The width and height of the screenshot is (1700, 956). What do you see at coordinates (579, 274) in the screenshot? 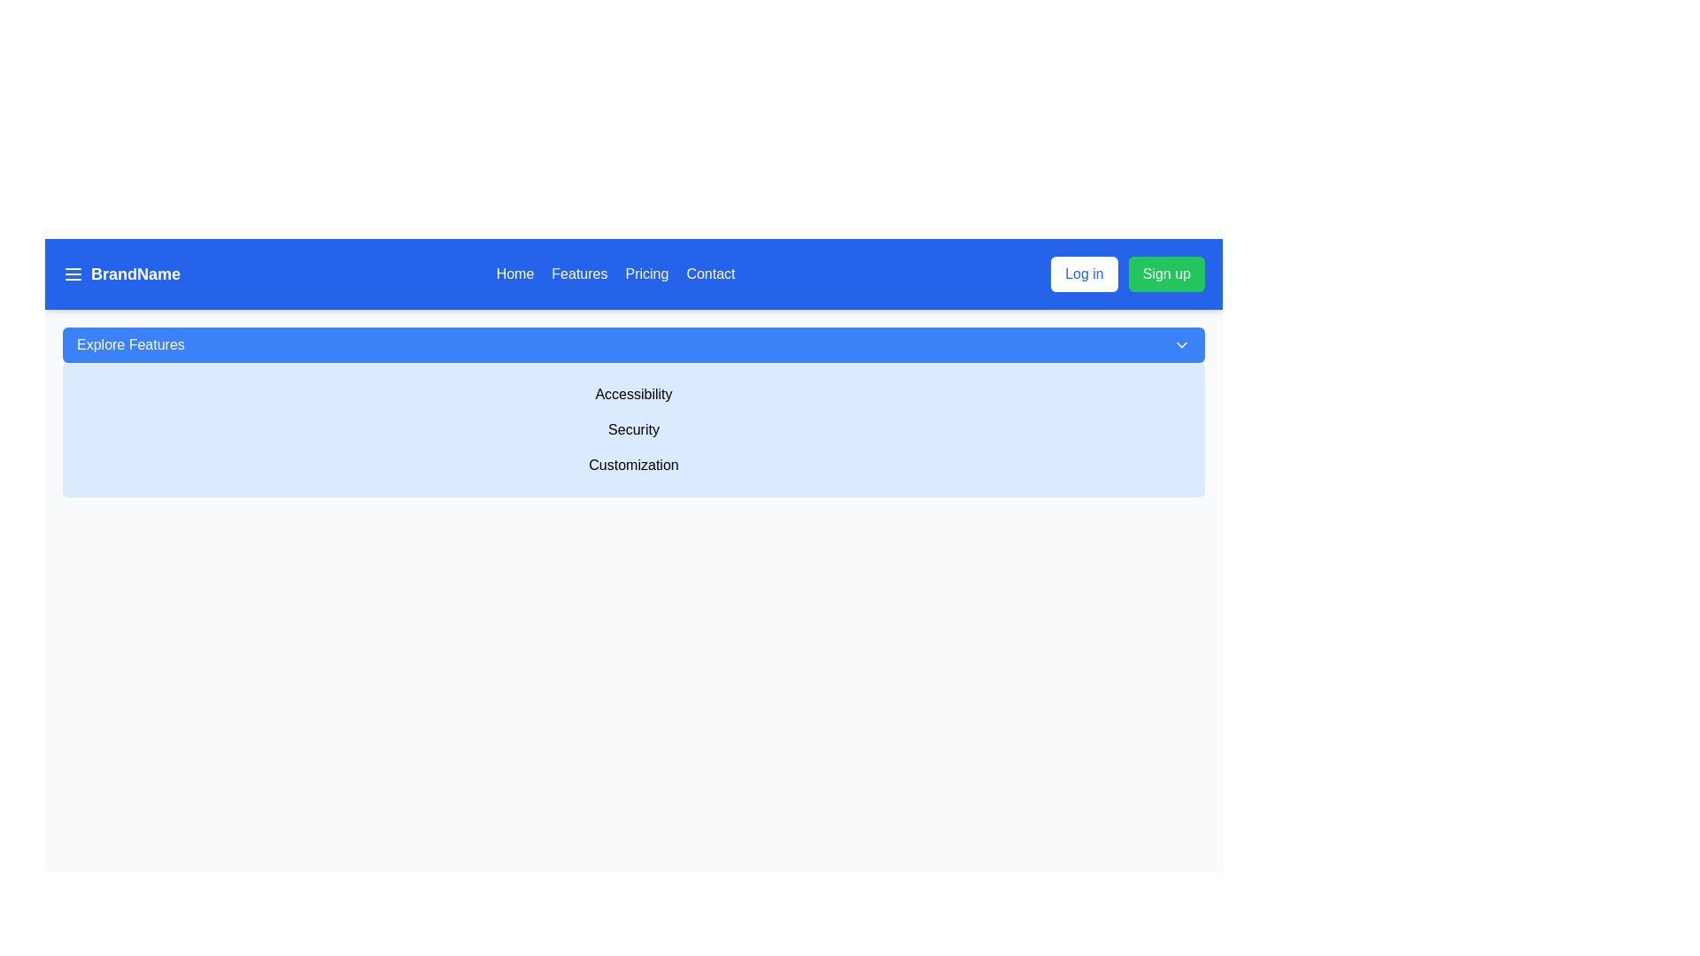
I see `the 'Features' navigation menu item, which is the second item in a horizontally aligned navigation bar styled with white text on a blue background` at bounding box center [579, 274].